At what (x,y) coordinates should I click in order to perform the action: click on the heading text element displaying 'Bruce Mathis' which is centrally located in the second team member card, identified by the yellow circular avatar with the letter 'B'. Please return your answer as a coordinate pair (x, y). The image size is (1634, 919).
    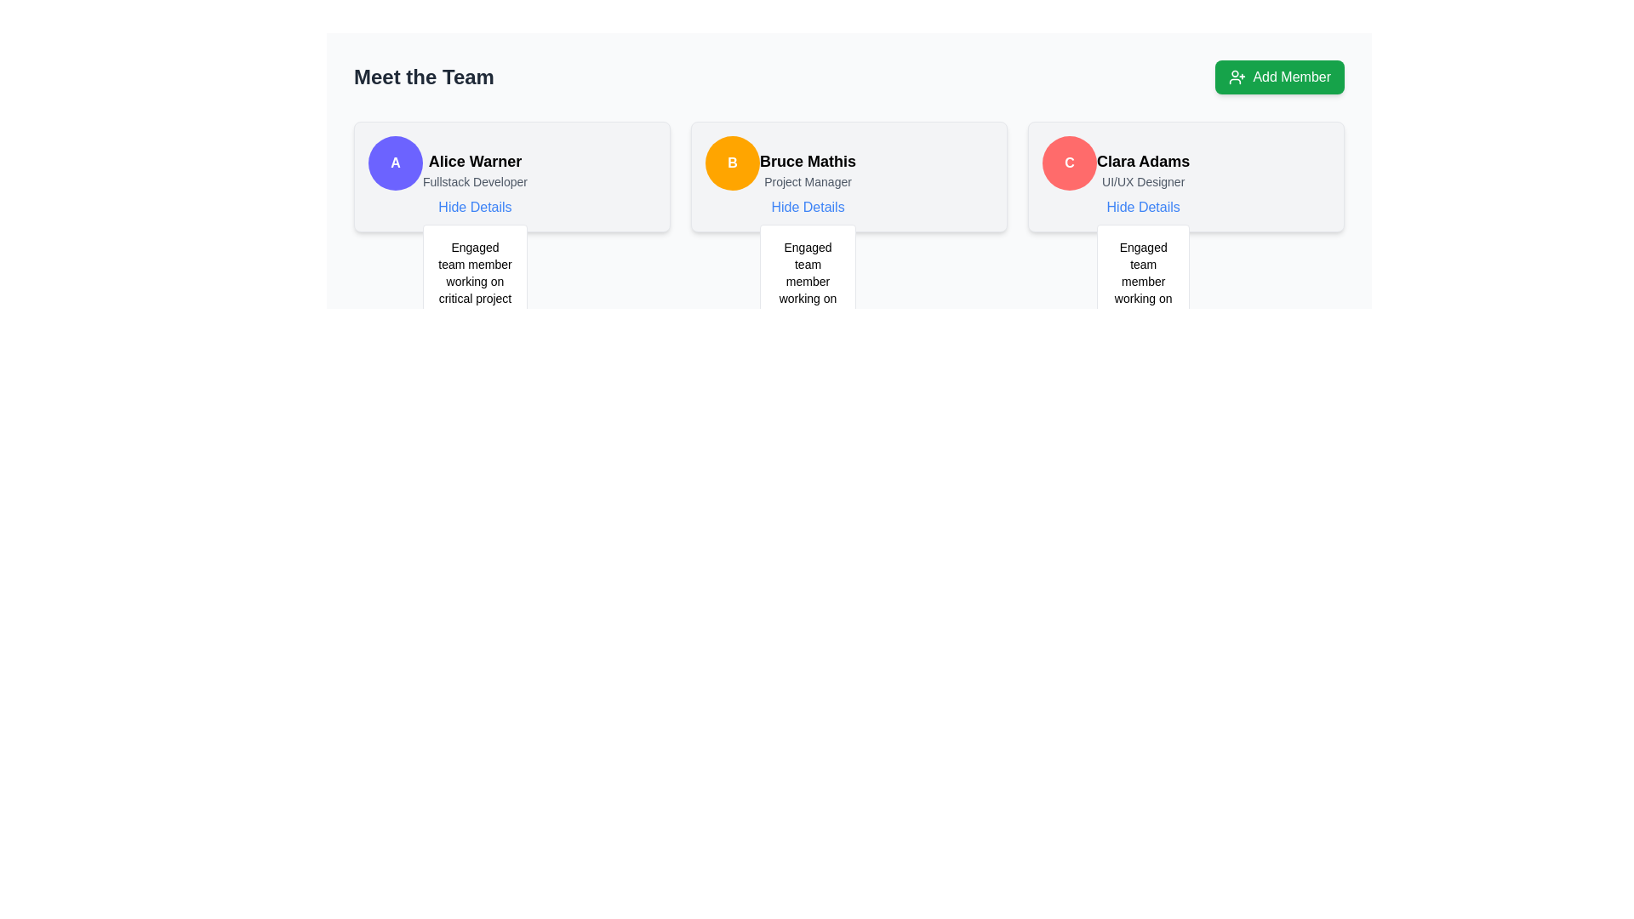
    Looking at the image, I should click on (807, 161).